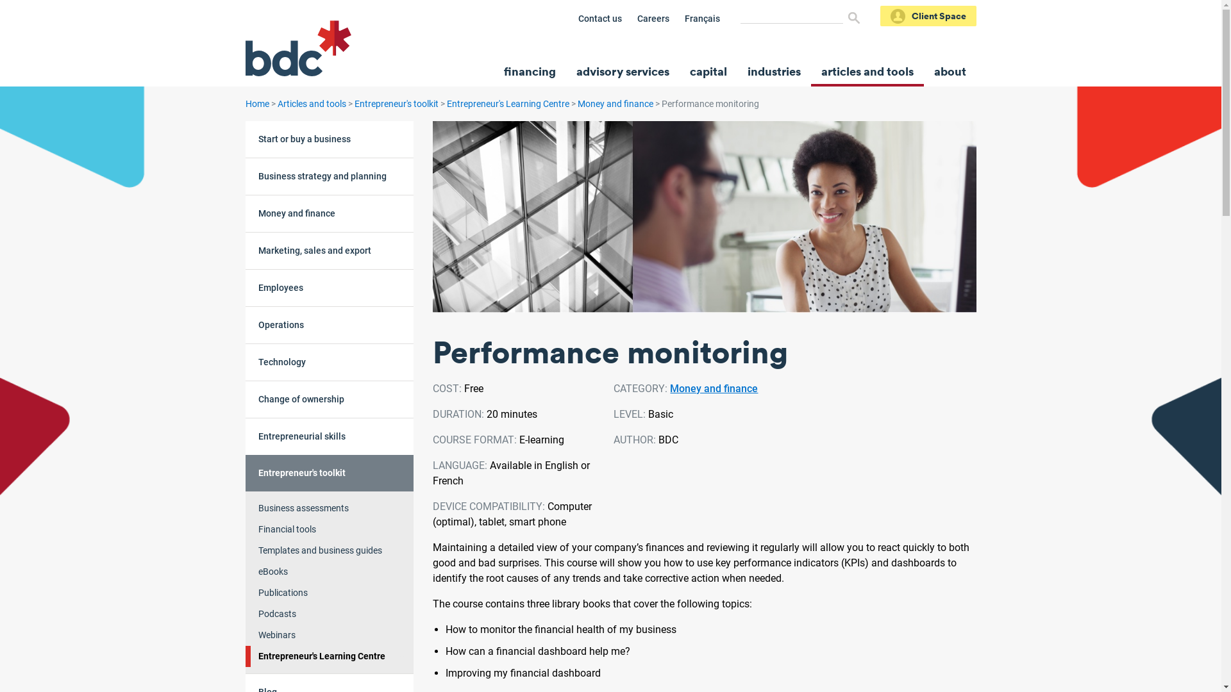 The image size is (1231, 692). What do you see at coordinates (329, 473) in the screenshot?
I see `'Entrepreneur's toolkit'` at bounding box center [329, 473].